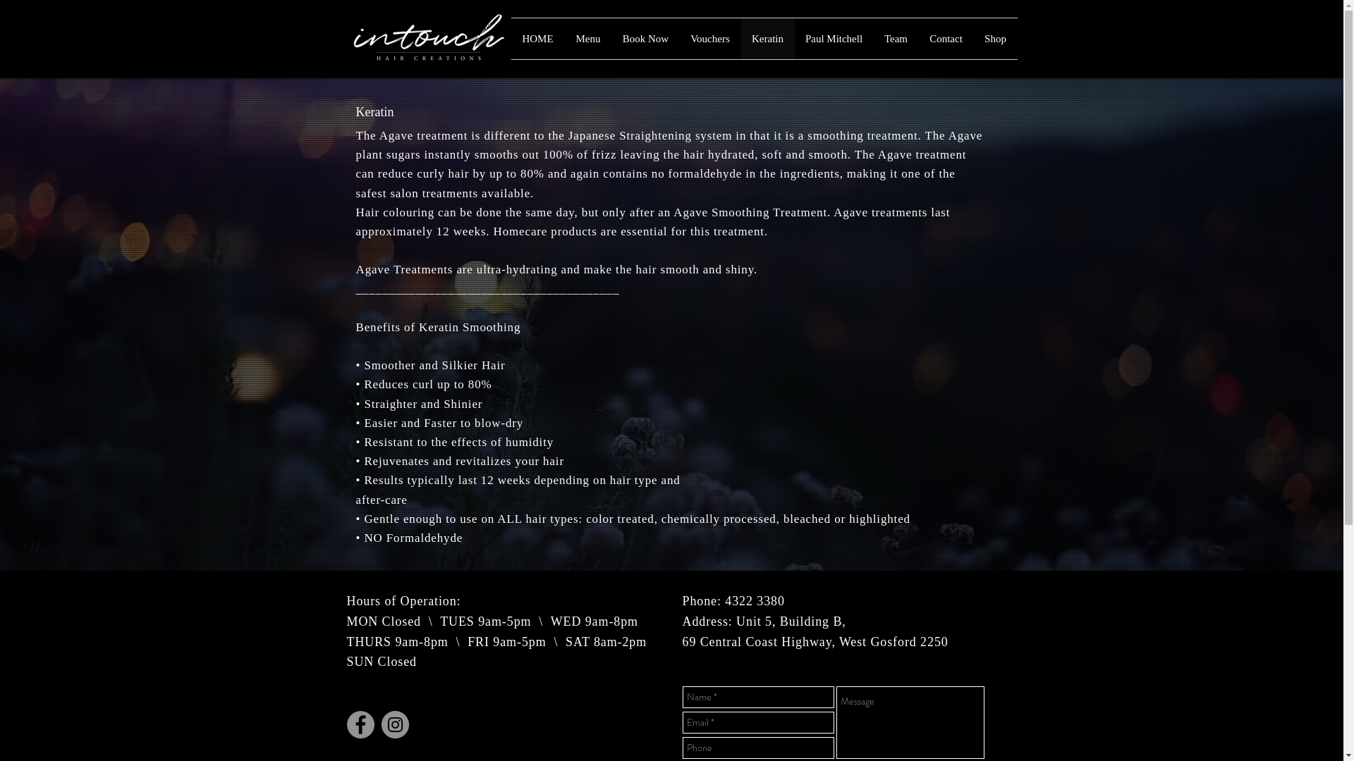  I want to click on 'Shop', so click(994, 37).